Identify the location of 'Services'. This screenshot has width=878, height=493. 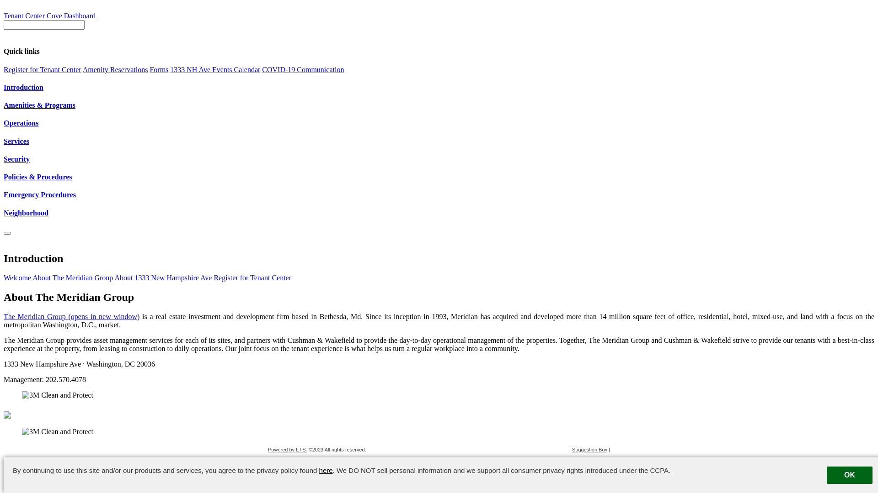
(4, 141).